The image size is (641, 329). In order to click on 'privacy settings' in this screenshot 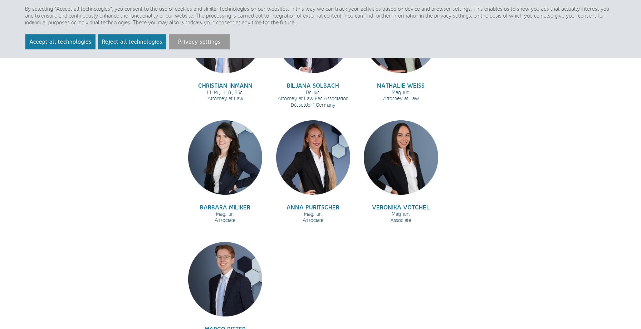, I will do `click(452, 15)`.